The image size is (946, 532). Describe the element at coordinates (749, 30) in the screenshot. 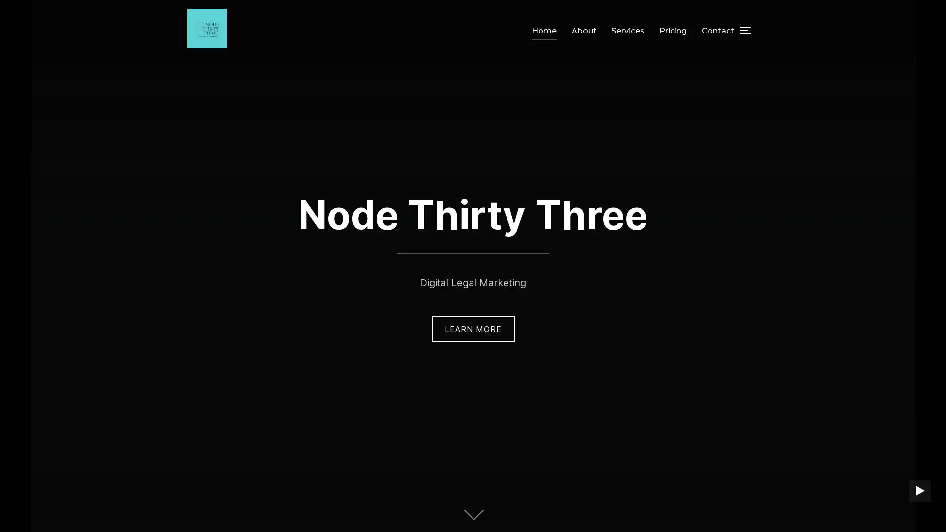

I see `TOGGLE SIDEBAR & NAVIGATION` at that location.